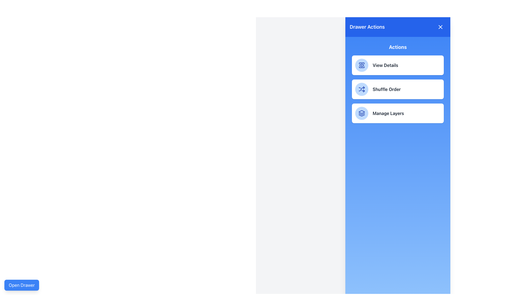 Image resolution: width=525 pixels, height=295 pixels. Describe the element at coordinates (362, 113) in the screenshot. I see `the 'Manage Layers' icon located in the bottommost entry of the 'Actions' section within the 'Drawer Actions' panel, which is the third icon in the vertical action buttons list` at that location.